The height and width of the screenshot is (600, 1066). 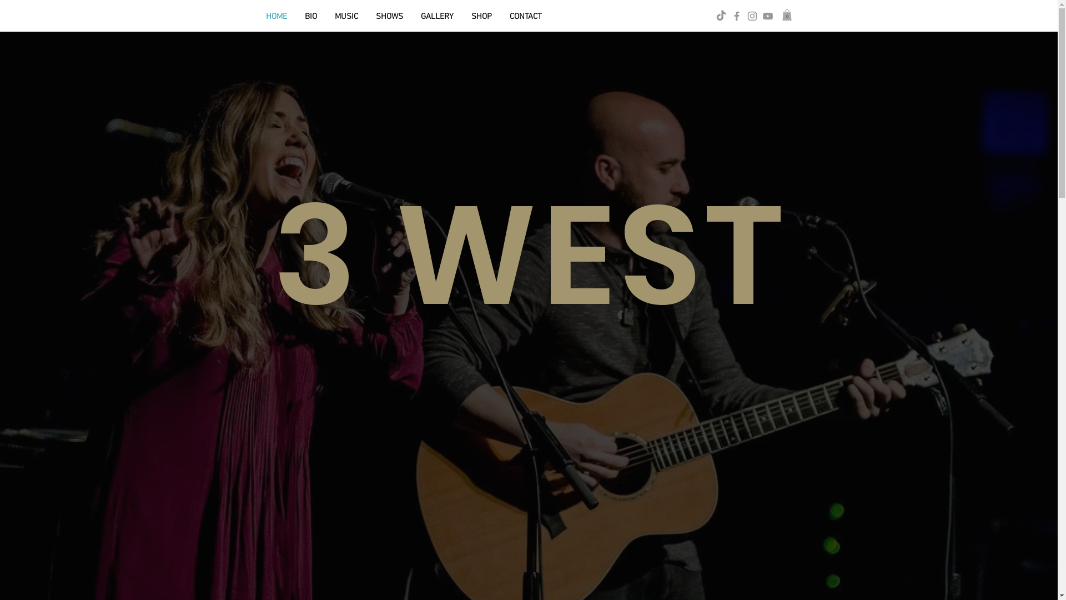 I want to click on 'SHOP', so click(x=461, y=17).